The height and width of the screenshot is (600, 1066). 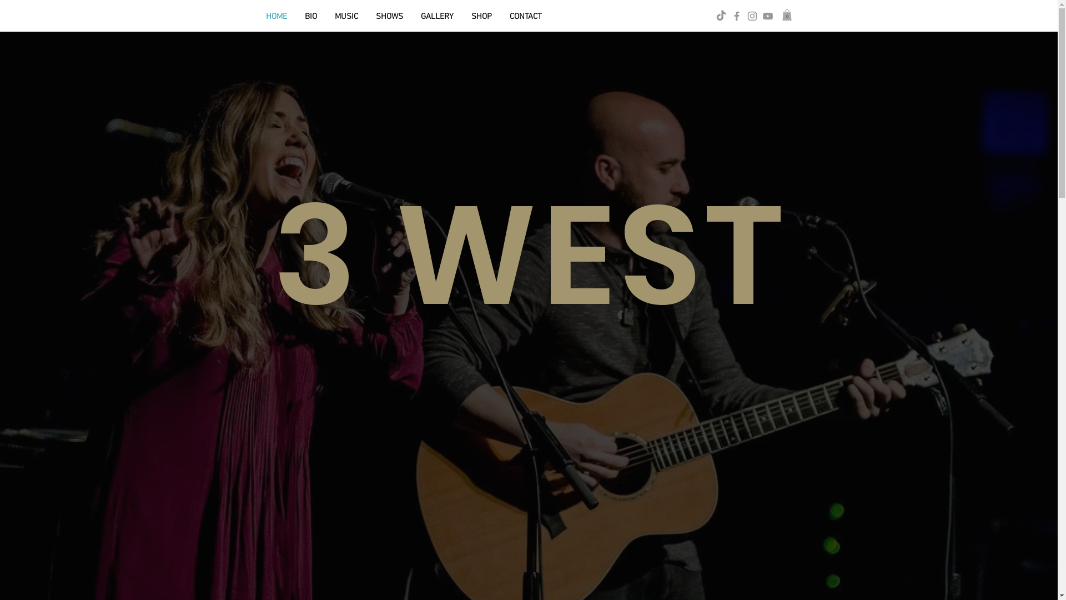 I want to click on 'SHOP', so click(x=461, y=17).